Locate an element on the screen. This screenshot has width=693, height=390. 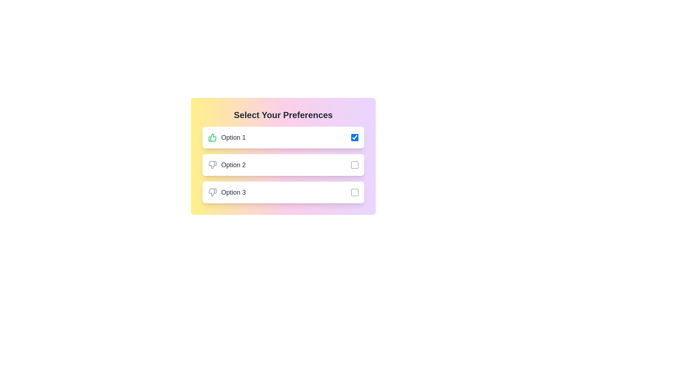
text displayed on the 'Option 1' label, which is styled with a bold font and dark gray color, located centrally between a thumbs-up icon and a checkbox in the first row of selectable preferences is located at coordinates (234, 138).